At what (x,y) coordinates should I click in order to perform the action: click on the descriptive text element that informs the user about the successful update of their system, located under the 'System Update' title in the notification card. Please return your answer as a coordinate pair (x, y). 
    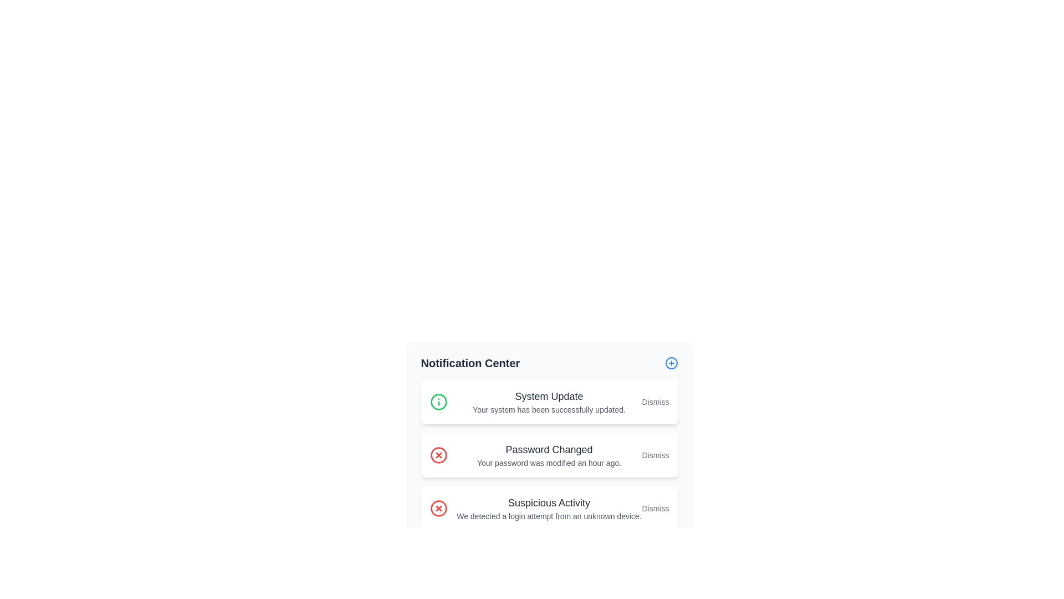
    Looking at the image, I should click on (549, 410).